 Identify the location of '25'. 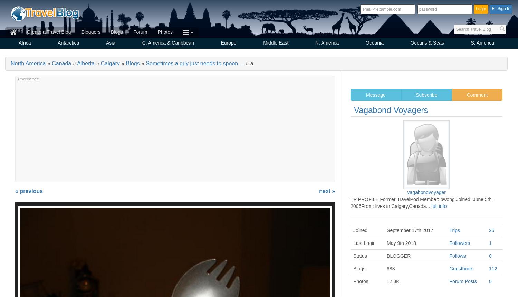
(491, 230).